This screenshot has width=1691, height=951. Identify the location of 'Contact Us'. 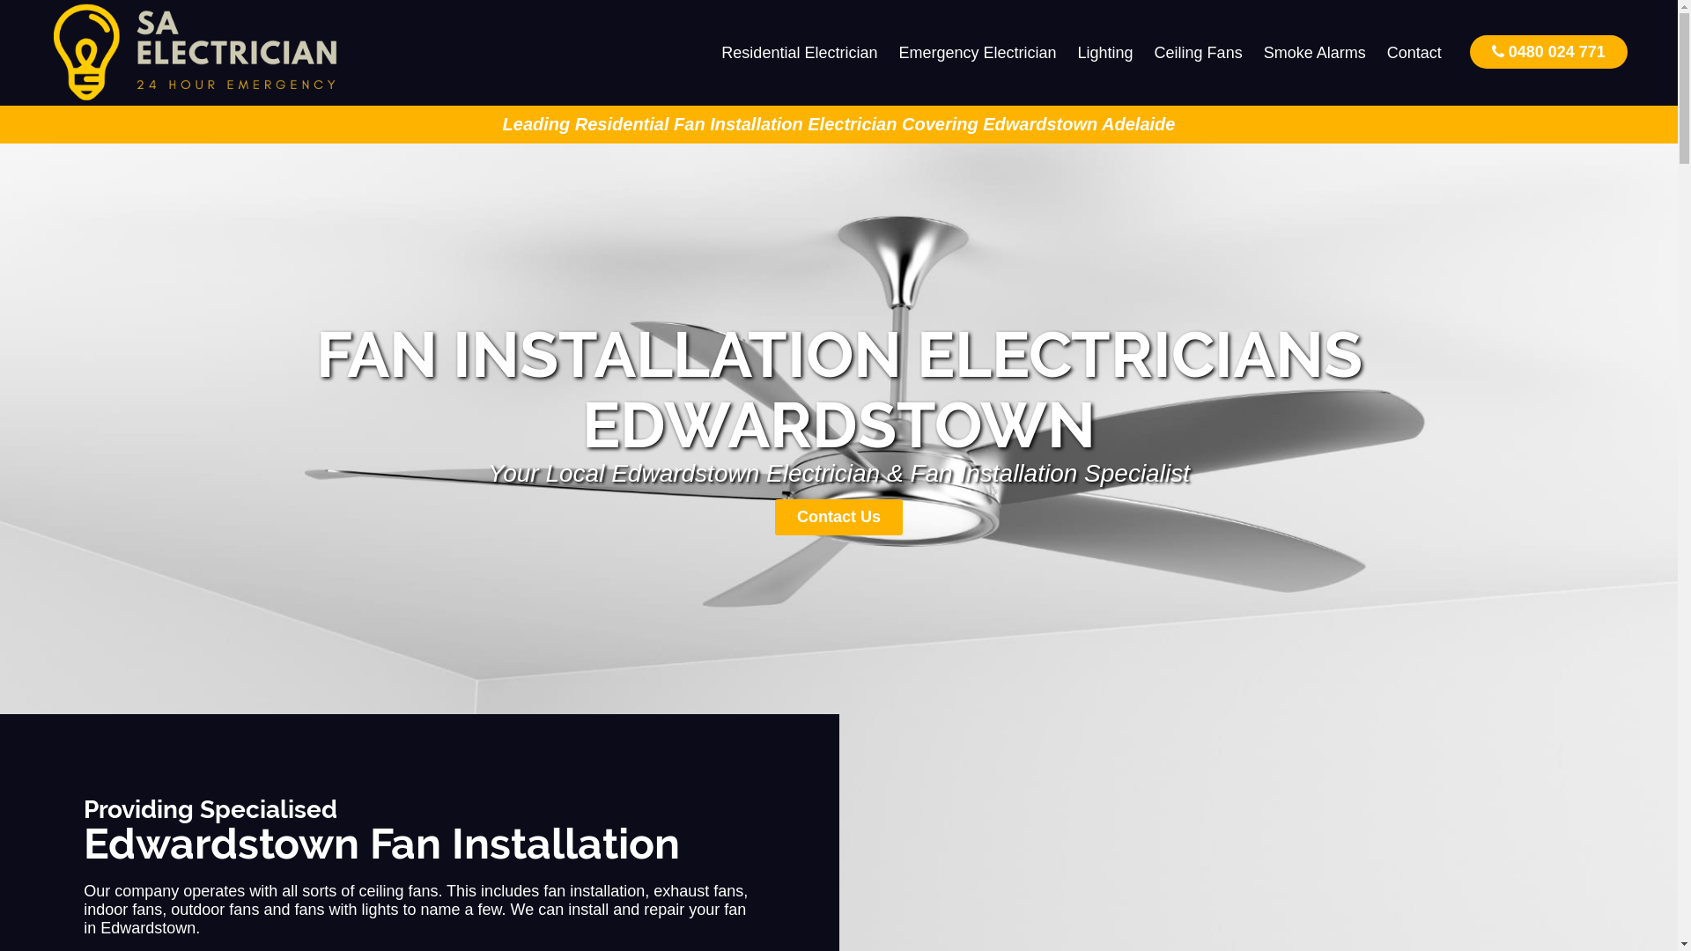
(838, 516).